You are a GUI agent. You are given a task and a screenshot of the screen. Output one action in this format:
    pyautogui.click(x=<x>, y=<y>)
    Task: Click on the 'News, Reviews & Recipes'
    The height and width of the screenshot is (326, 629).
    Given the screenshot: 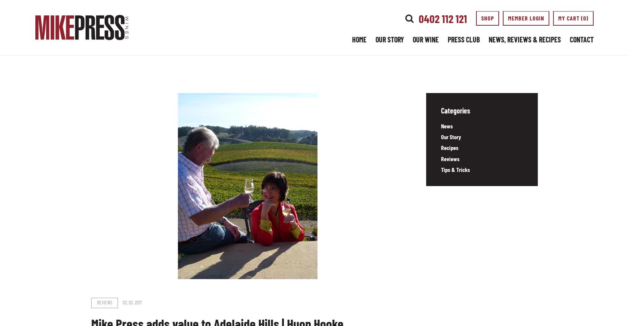 What is the action you would take?
    pyautogui.click(x=524, y=39)
    